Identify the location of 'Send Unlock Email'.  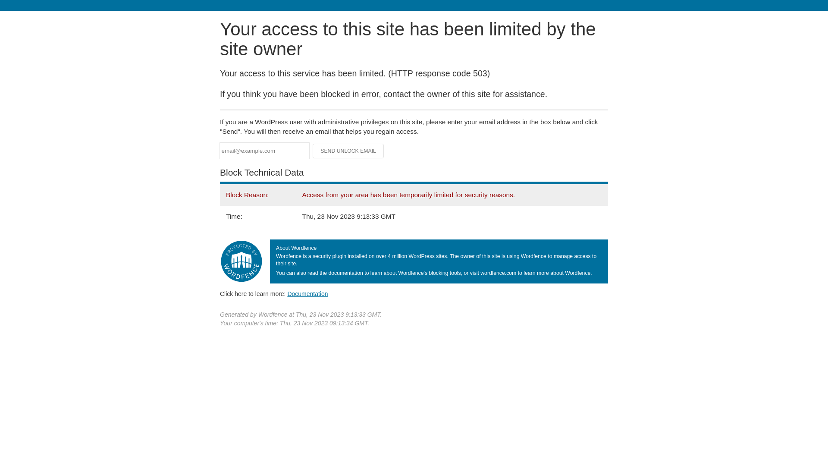
(348, 151).